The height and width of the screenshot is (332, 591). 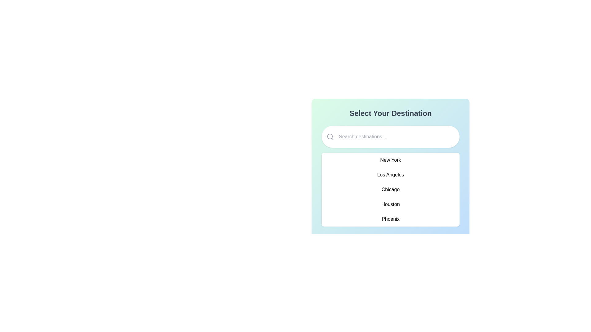 What do you see at coordinates (329, 136) in the screenshot?
I see `the larger circular segment of the search icon, which is part of the visual representation of the search functionality, located at the top-left corner of the 'Search destinations...' input field` at bounding box center [329, 136].